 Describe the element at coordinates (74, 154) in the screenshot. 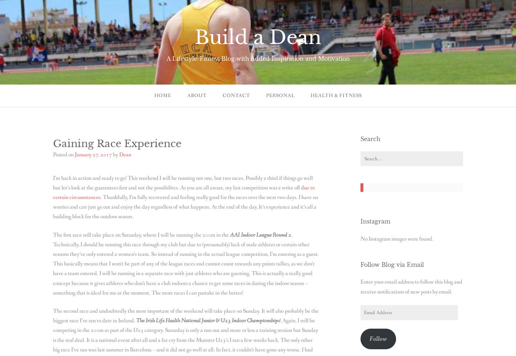

I see `'January 27, 2017'` at that location.